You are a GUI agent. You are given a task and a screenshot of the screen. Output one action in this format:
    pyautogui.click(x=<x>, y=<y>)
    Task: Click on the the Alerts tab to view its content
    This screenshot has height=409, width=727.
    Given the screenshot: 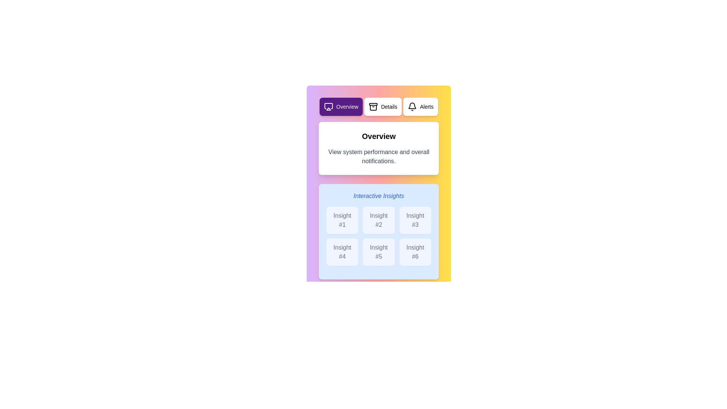 What is the action you would take?
    pyautogui.click(x=420, y=106)
    